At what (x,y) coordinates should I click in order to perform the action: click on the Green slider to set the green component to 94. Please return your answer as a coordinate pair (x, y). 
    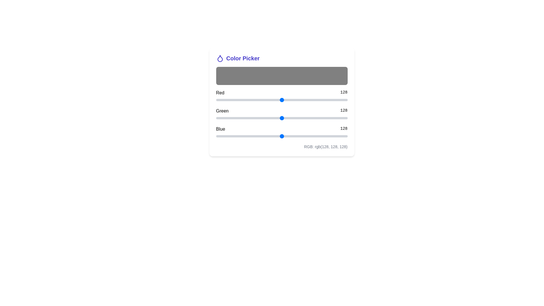
    Looking at the image, I should click on (264, 118).